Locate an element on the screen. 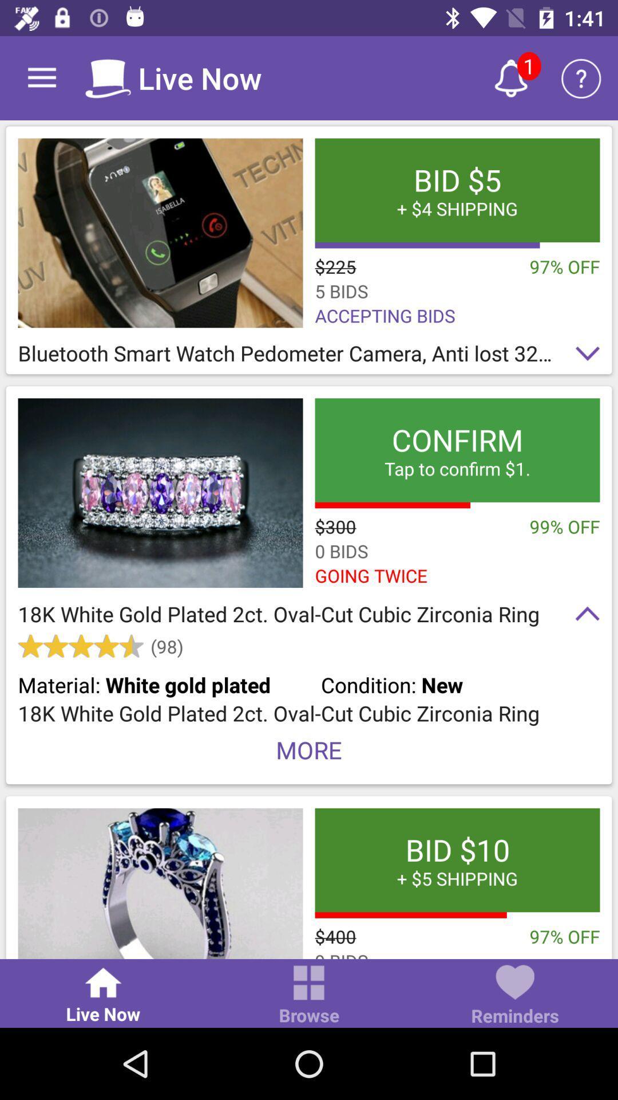 Image resolution: width=618 pixels, height=1100 pixels. the item to the left of the reminders icon is located at coordinates (309, 995).